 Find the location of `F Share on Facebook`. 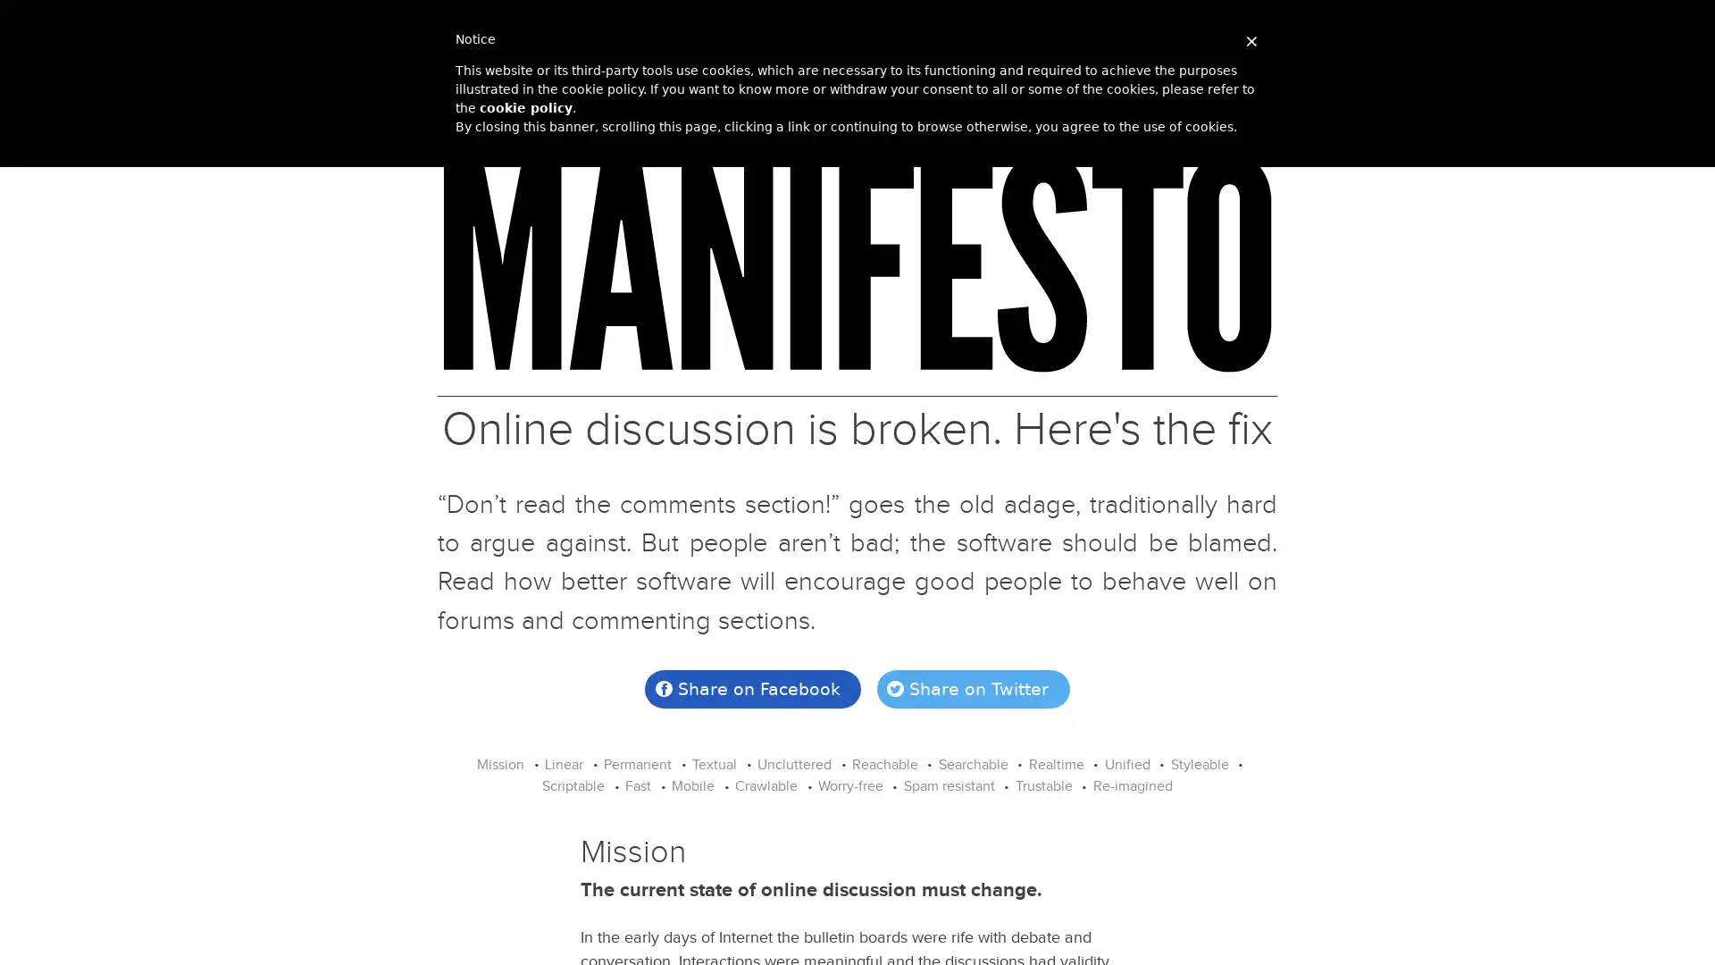

F Share on Facebook is located at coordinates (753, 688).